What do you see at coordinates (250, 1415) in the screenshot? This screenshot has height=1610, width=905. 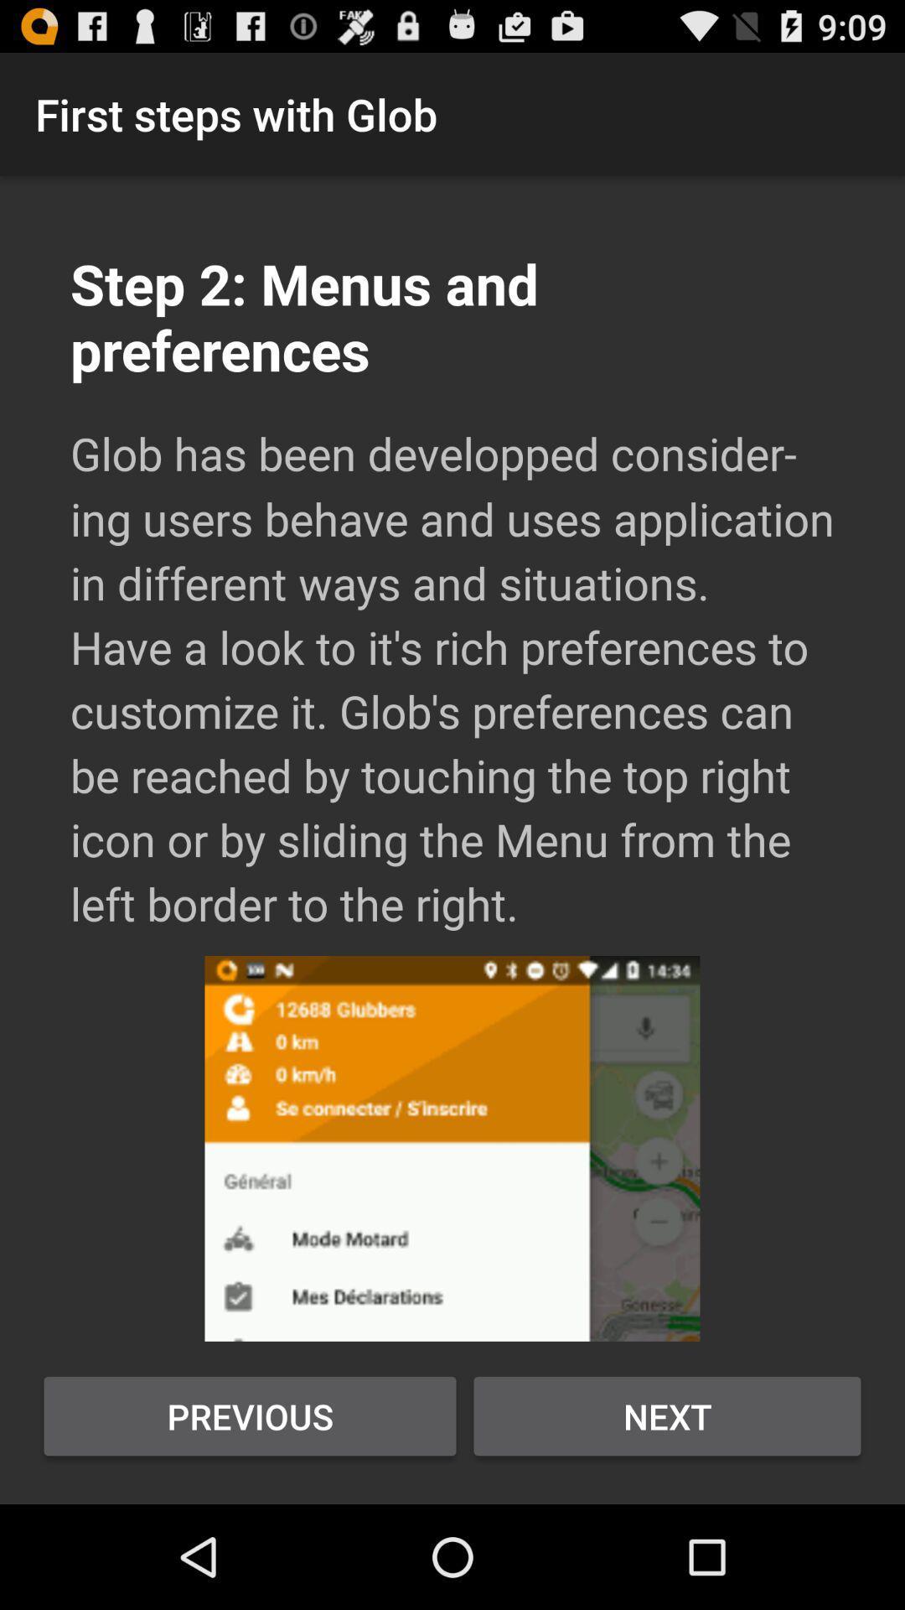 I see `item next to the next button` at bounding box center [250, 1415].